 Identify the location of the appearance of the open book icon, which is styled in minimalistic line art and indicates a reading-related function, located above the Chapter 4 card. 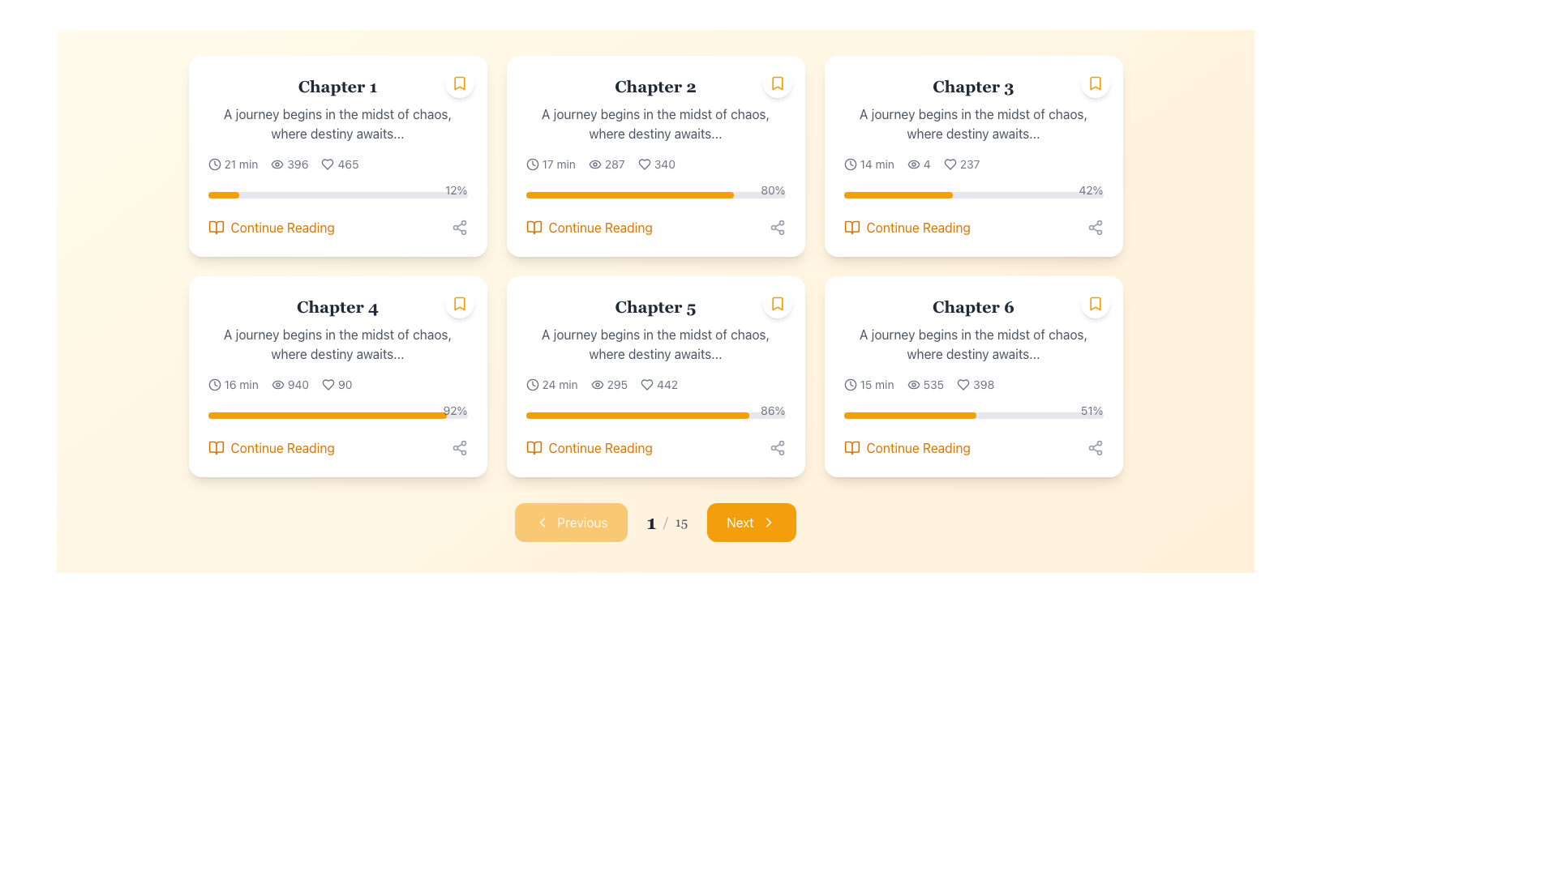
(215, 447).